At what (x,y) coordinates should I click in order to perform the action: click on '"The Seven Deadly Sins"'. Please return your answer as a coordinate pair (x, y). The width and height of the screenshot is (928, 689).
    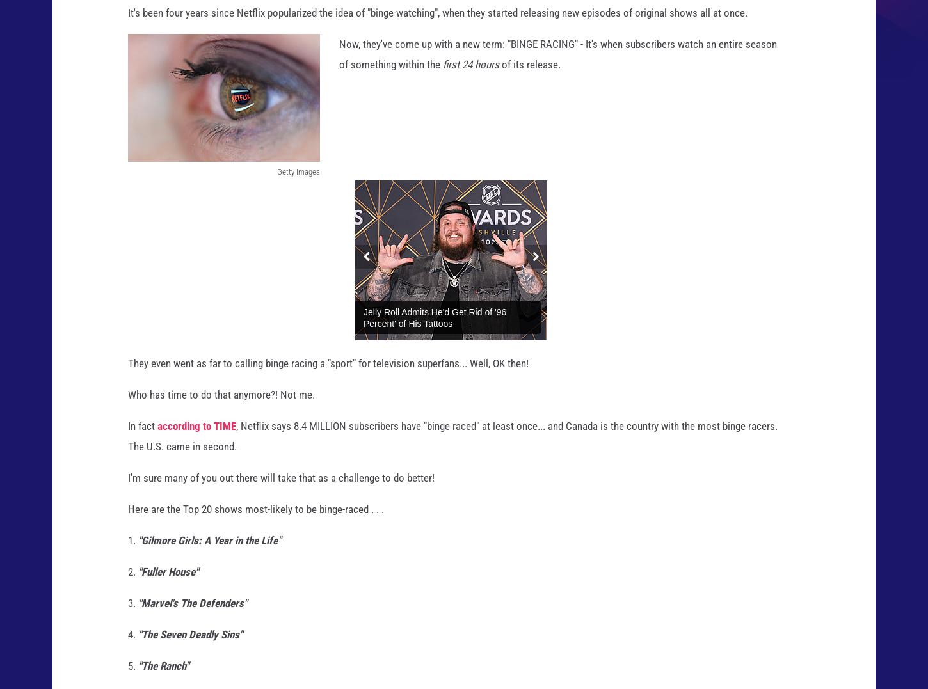
    Looking at the image, I should click on (190, 645).